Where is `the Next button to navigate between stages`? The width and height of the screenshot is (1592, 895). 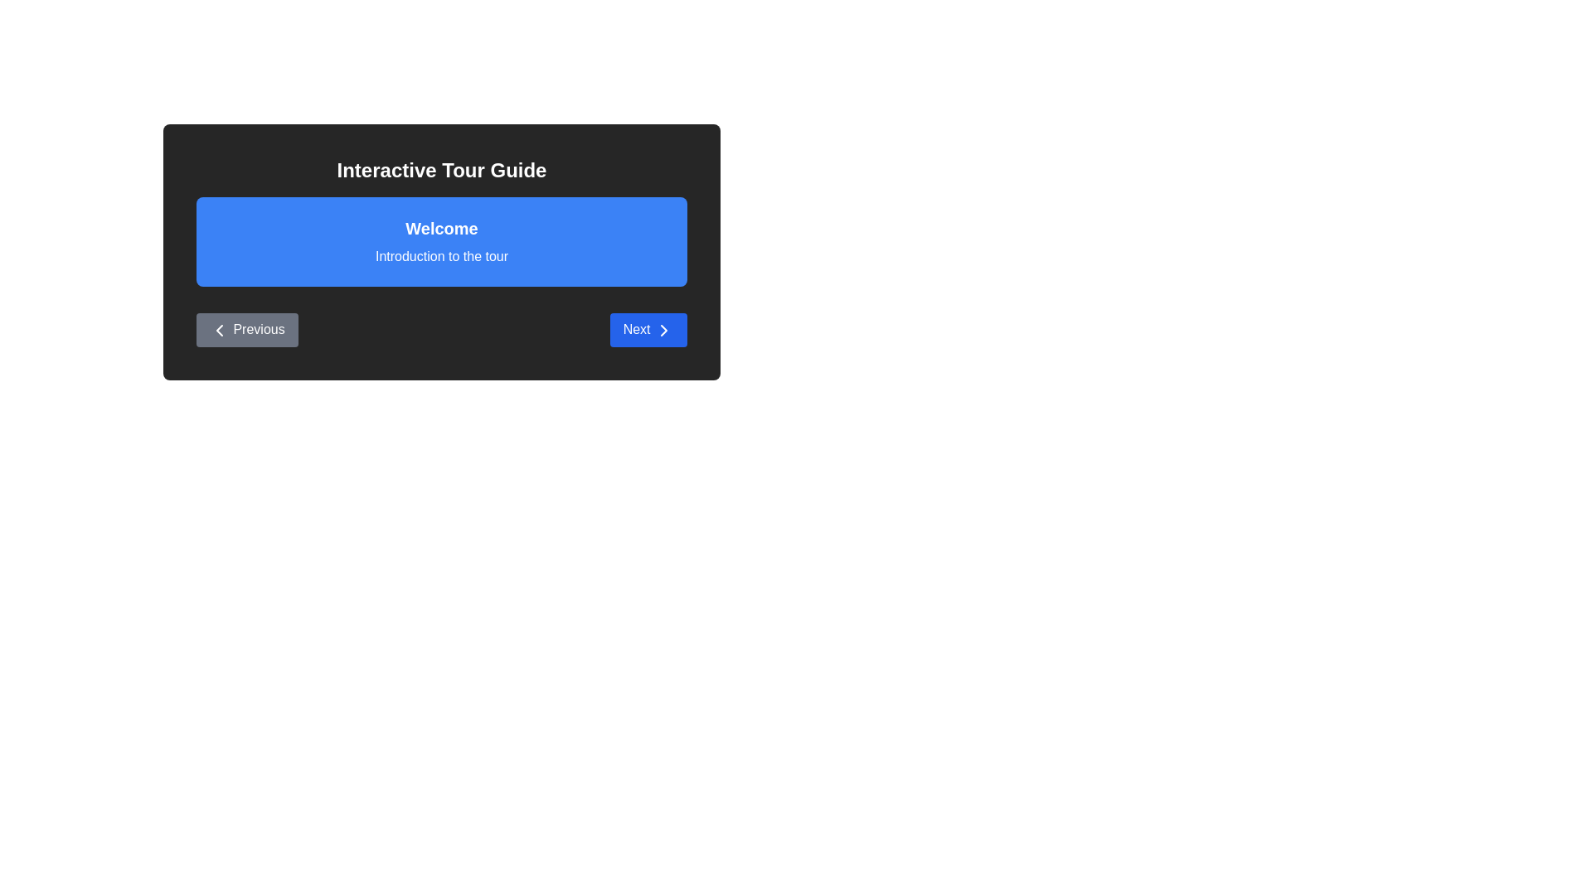 the Next button to navigate between stages is located at coordinates (648, 330).